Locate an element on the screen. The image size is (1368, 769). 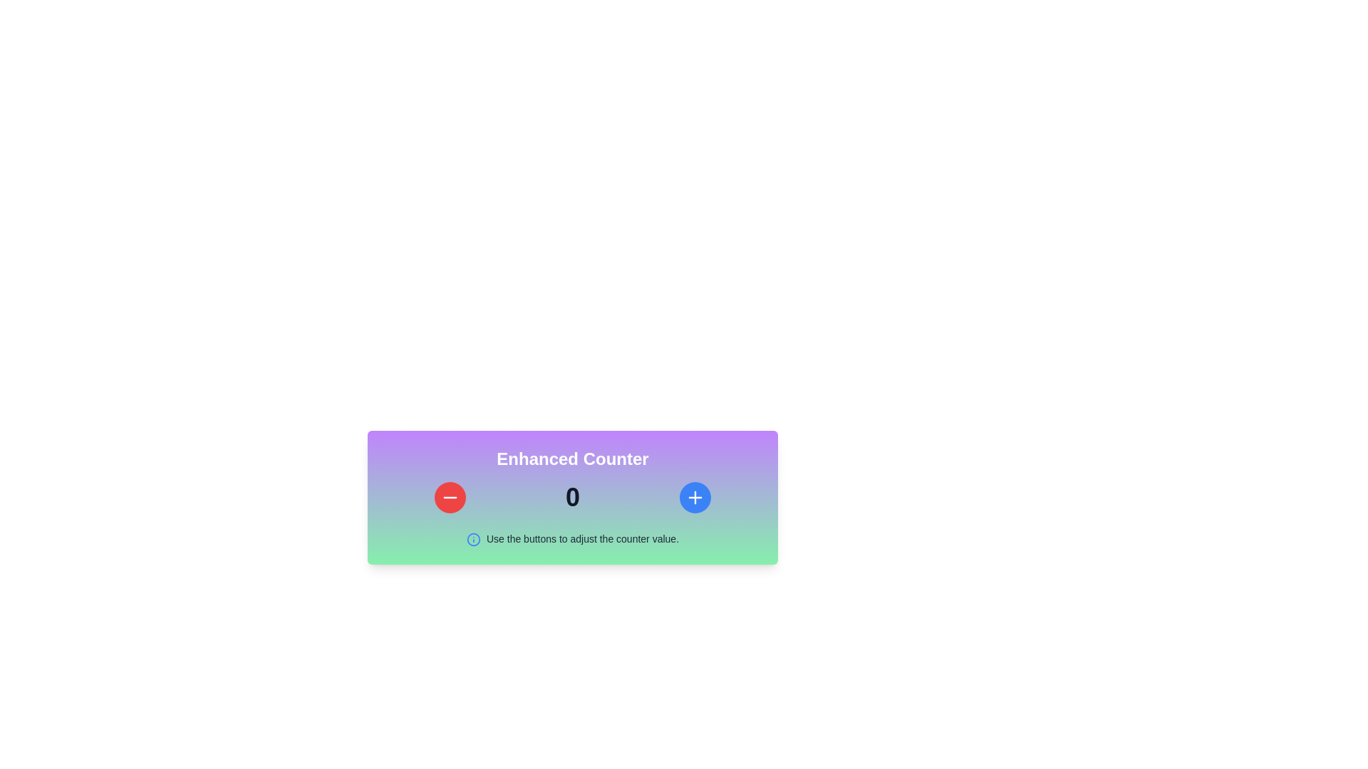
the Text label that displays the current value of the counter, located between the decrement and increment buttons, beneath the header 'Enhanced Counter' is located at coordinates (573, 496).